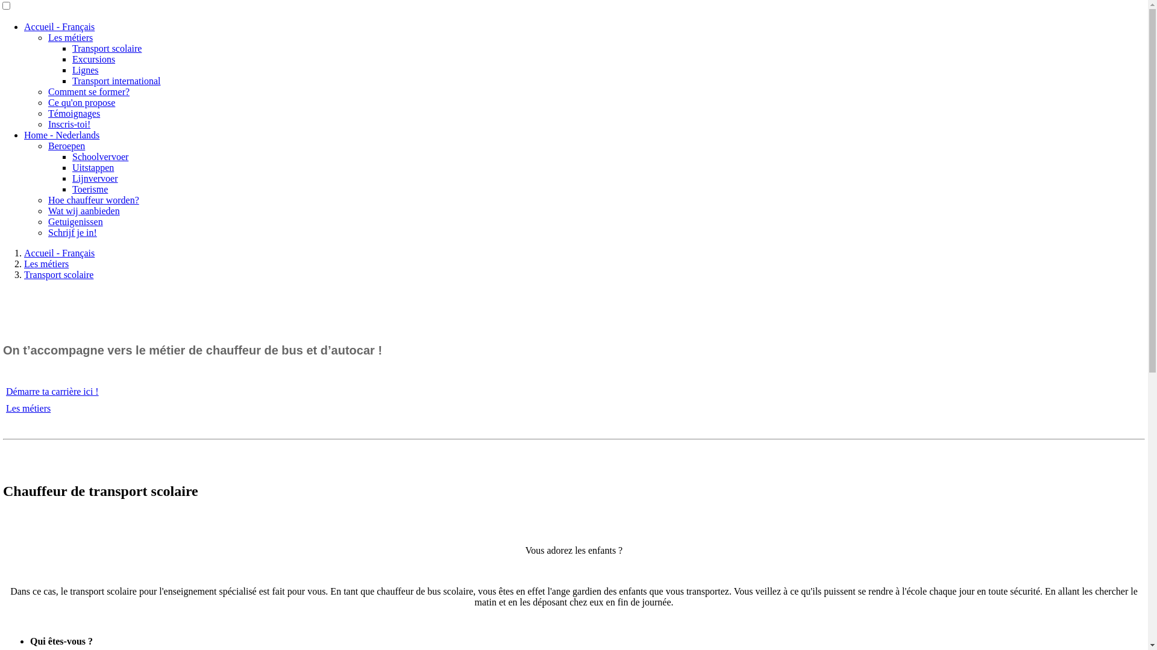  I want to click on 'Lijnvervoer', so click(95, 178).